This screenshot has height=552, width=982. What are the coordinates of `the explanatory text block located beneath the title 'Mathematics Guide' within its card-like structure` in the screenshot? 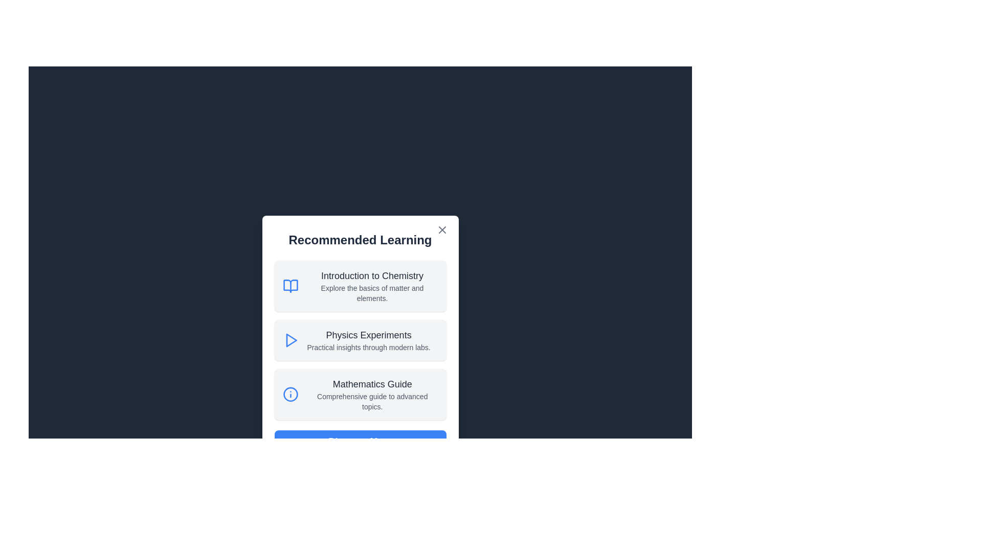 It's located at (372, 401).